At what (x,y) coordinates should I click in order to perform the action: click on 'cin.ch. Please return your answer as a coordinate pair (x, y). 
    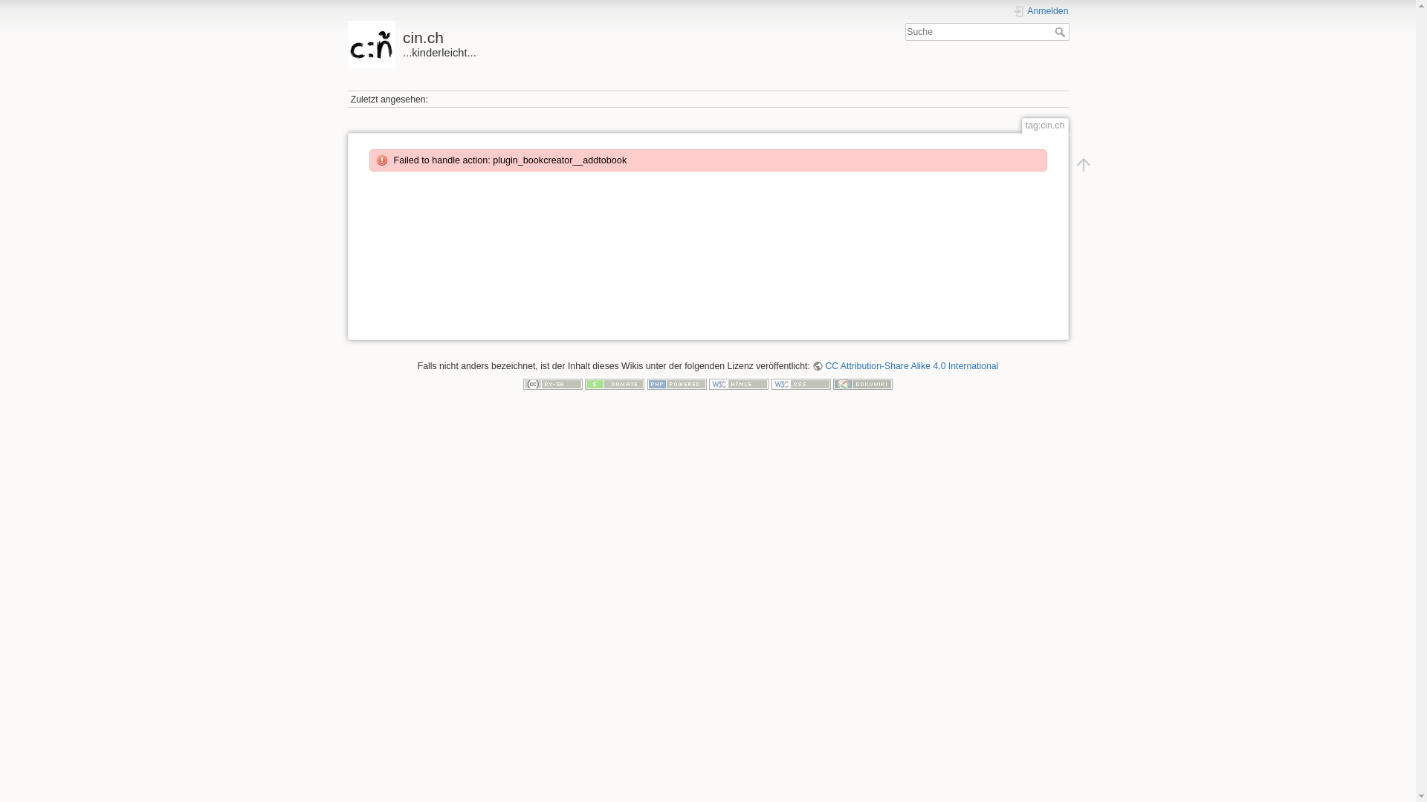
    Looking at the image, I should click on (346, 39).